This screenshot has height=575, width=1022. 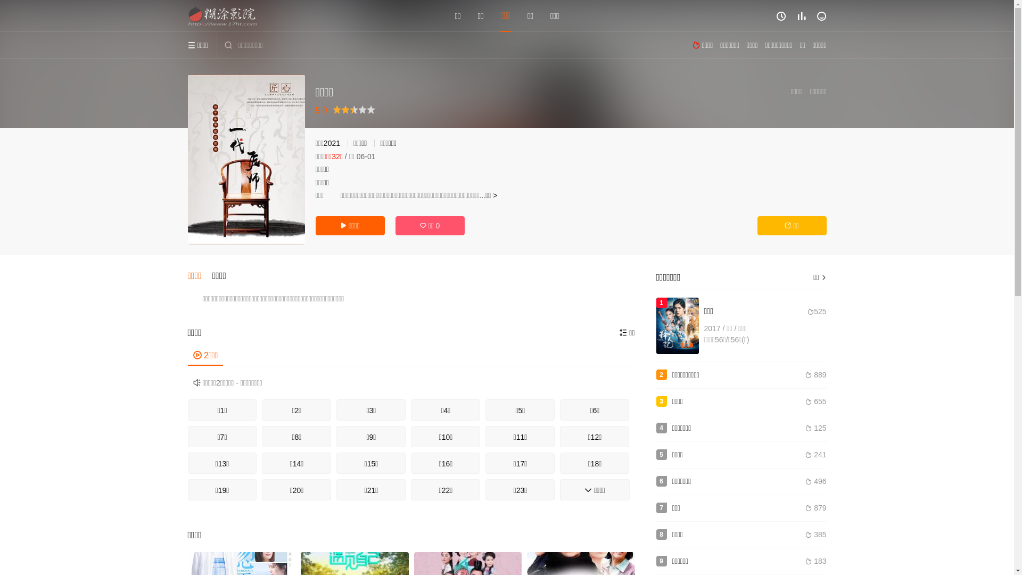 I want to click on '2021', so click(x=323, y=143).